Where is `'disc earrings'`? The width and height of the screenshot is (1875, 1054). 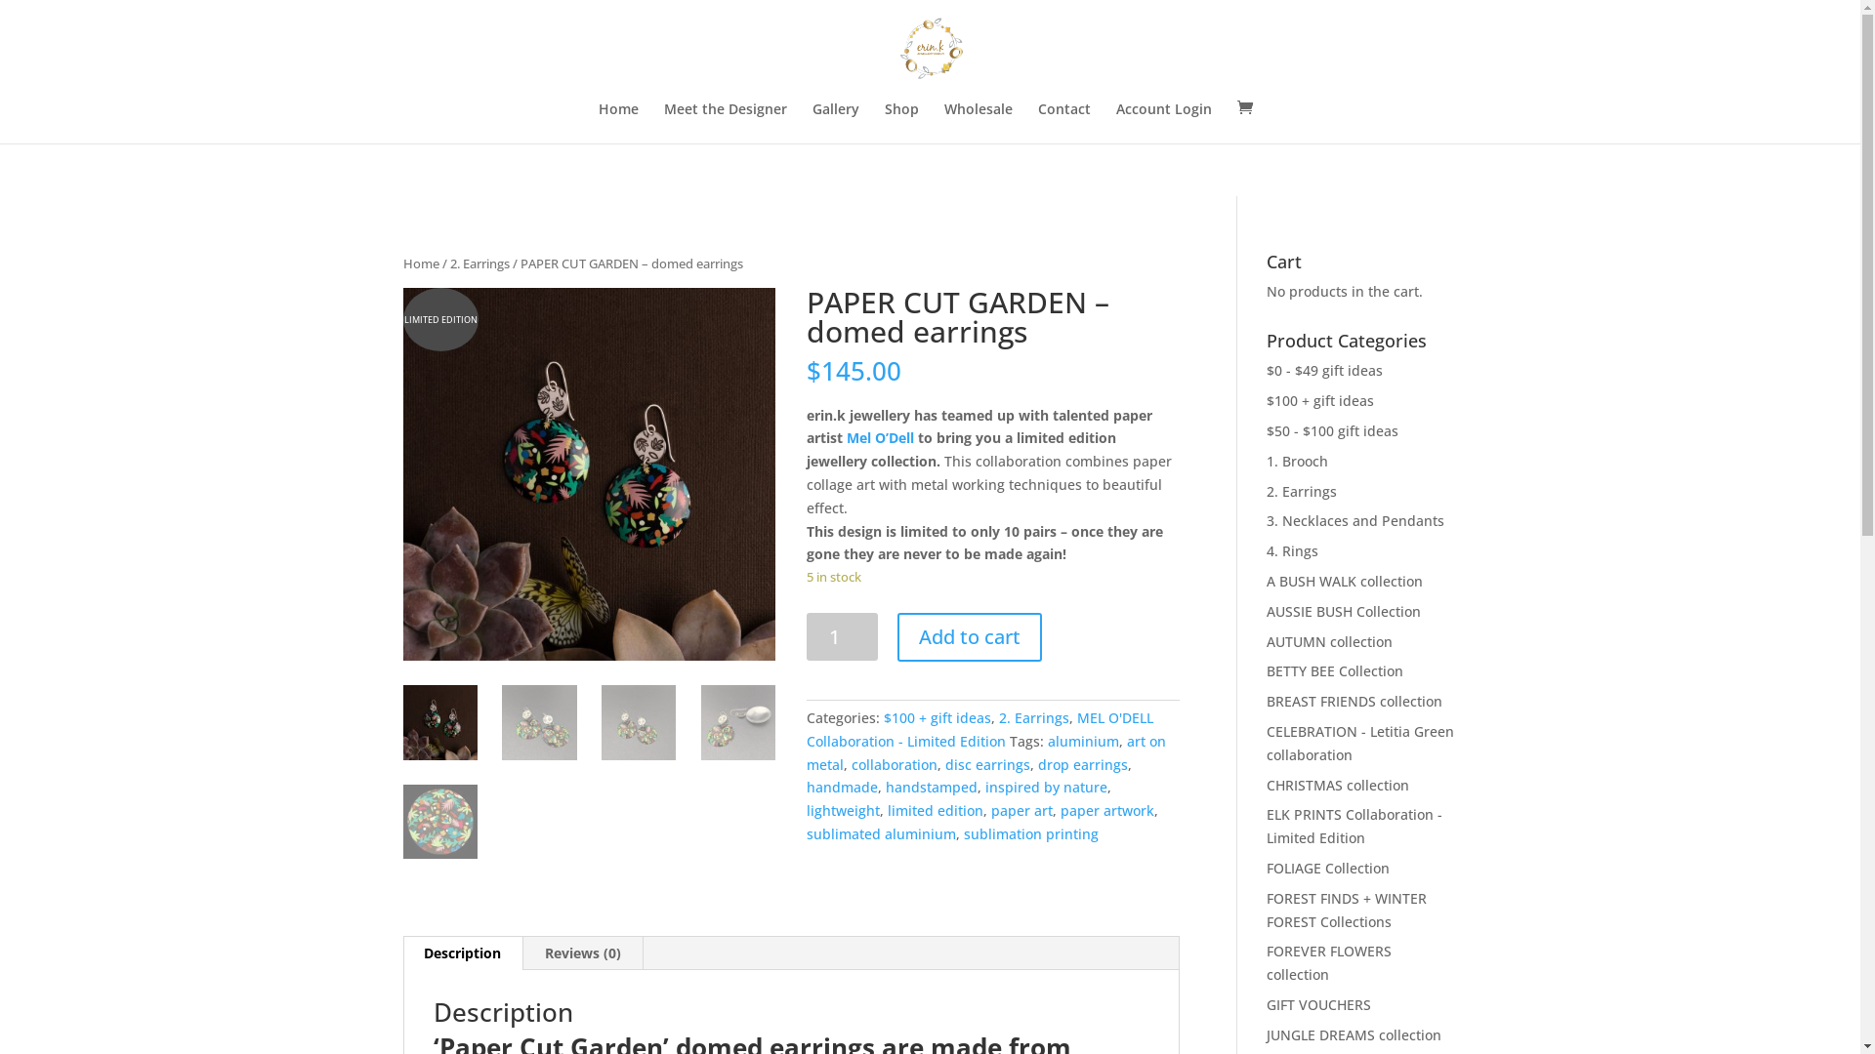 'disc earrings' is located at coordinates (987, 763).